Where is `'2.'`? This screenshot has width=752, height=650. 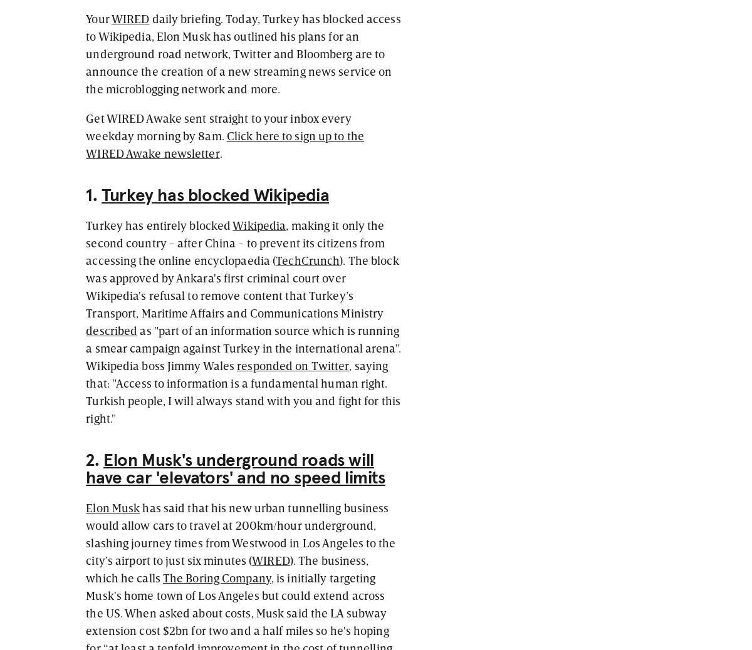 '2.' is located at coordinates (94, 460).